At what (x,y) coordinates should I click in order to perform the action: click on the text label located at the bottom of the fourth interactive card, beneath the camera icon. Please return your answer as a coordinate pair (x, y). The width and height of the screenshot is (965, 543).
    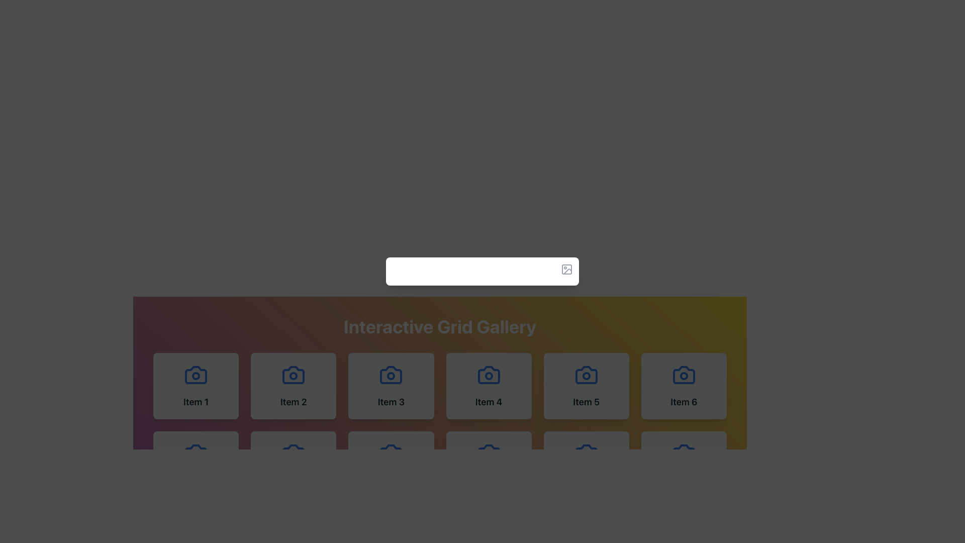
    Looking at the image, I should click on (489, 401).